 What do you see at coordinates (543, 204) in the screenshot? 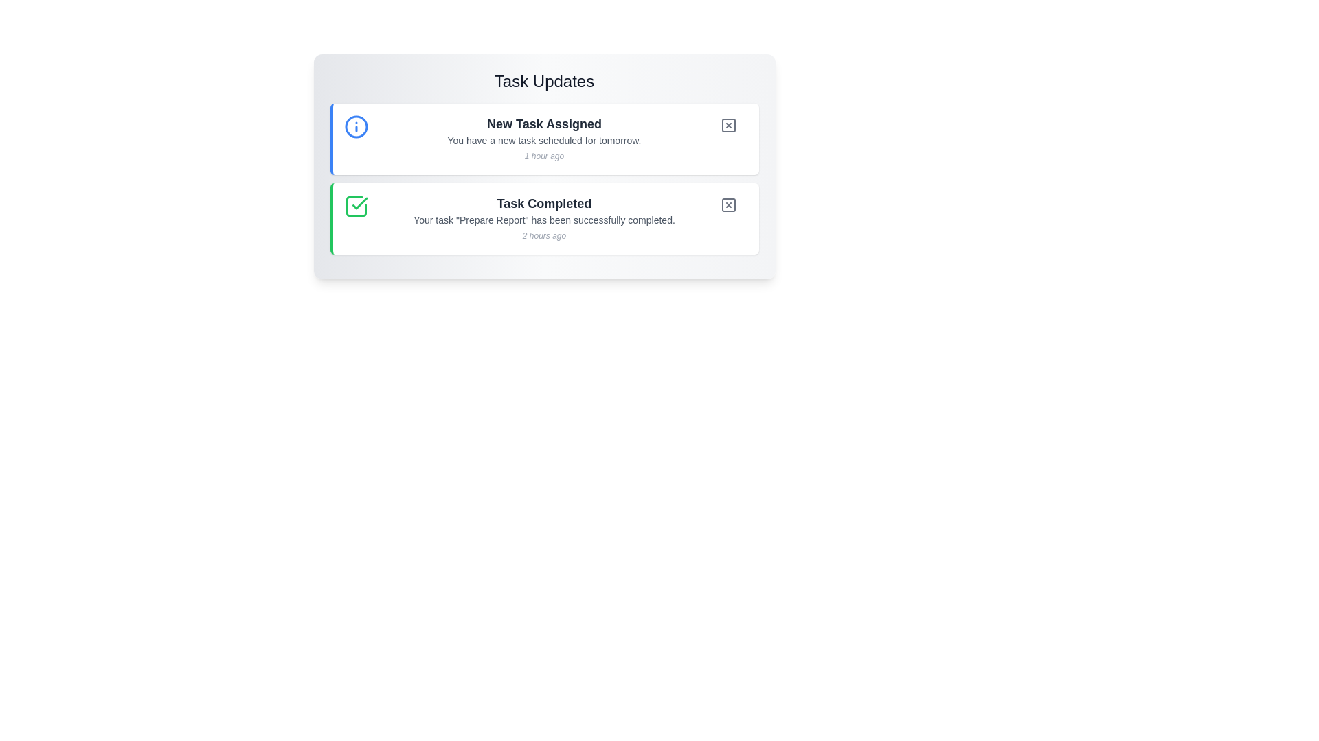
I see `the 'Task Completed' static text label, which is prominently styled as the header for its section in dark gray font` at bounding box center [543, 204].